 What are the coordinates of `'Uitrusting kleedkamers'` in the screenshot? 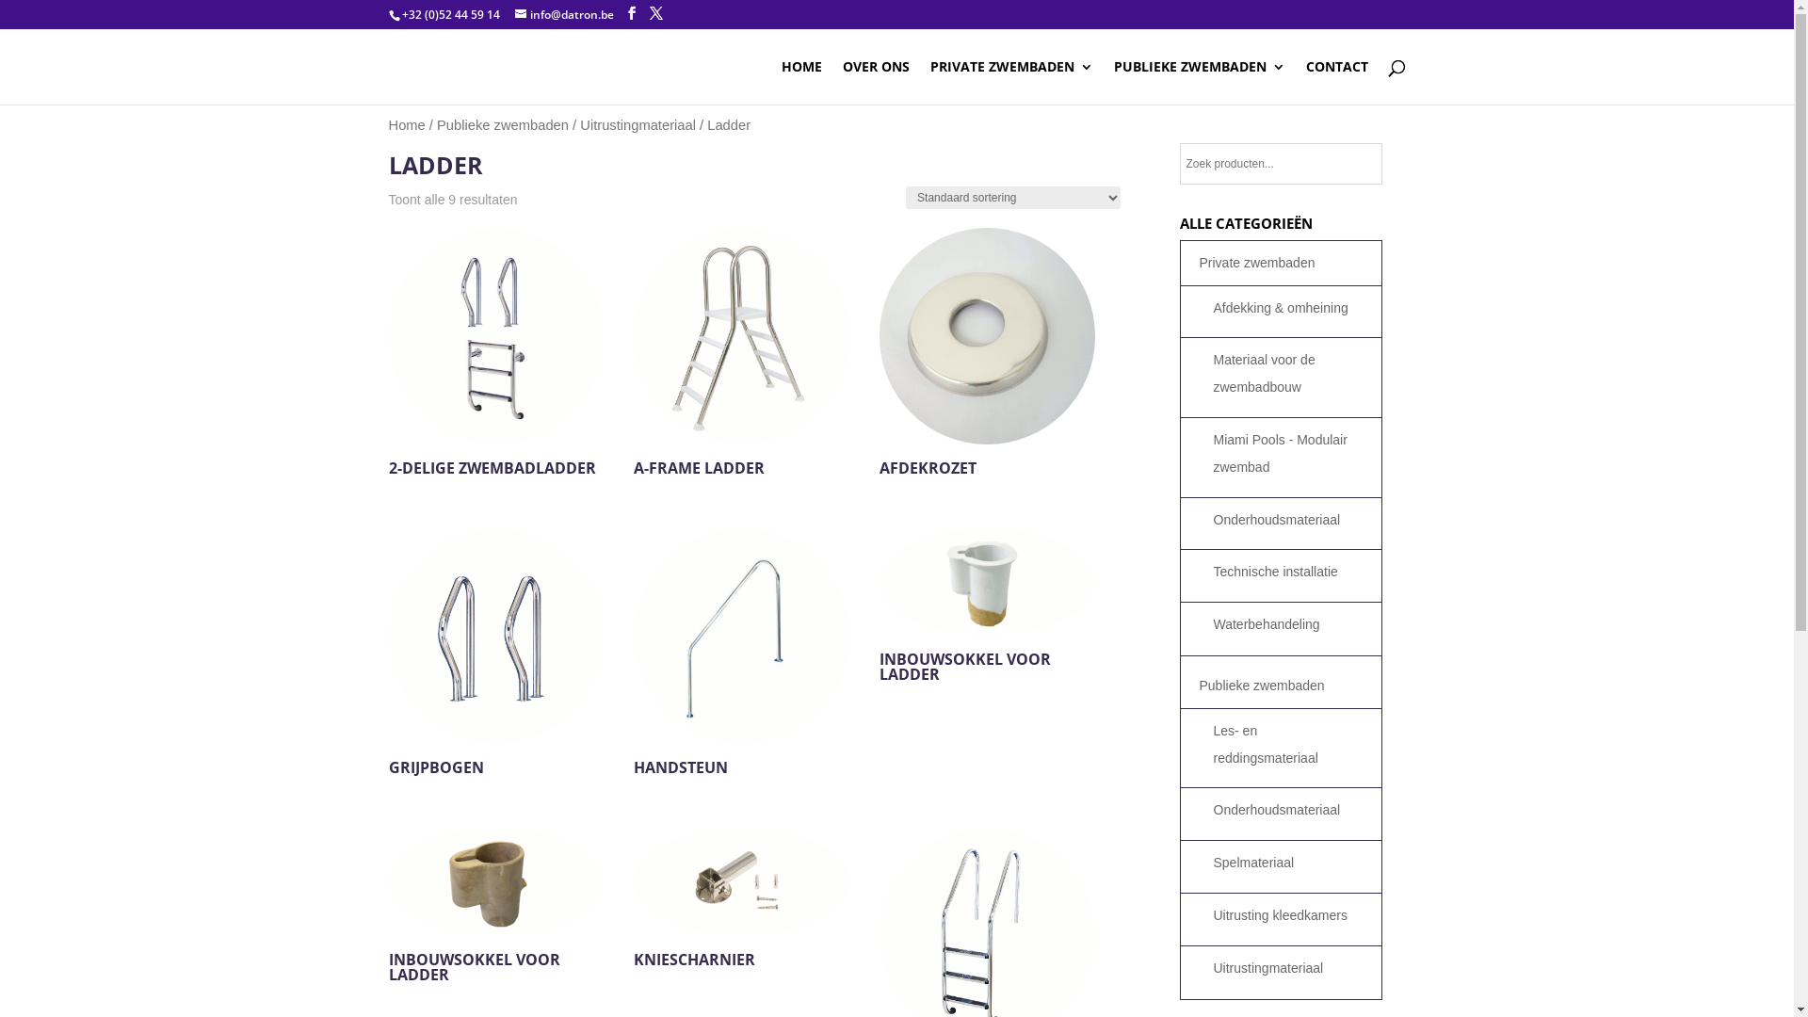 It's located at (1192, 914).